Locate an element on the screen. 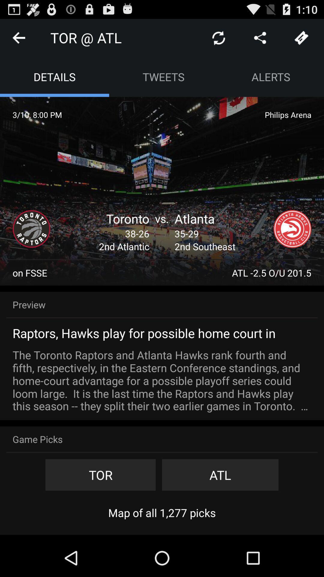 The height and width of the screenshot is (577, 324). item next to the details item is located at coordinates (163, 76).